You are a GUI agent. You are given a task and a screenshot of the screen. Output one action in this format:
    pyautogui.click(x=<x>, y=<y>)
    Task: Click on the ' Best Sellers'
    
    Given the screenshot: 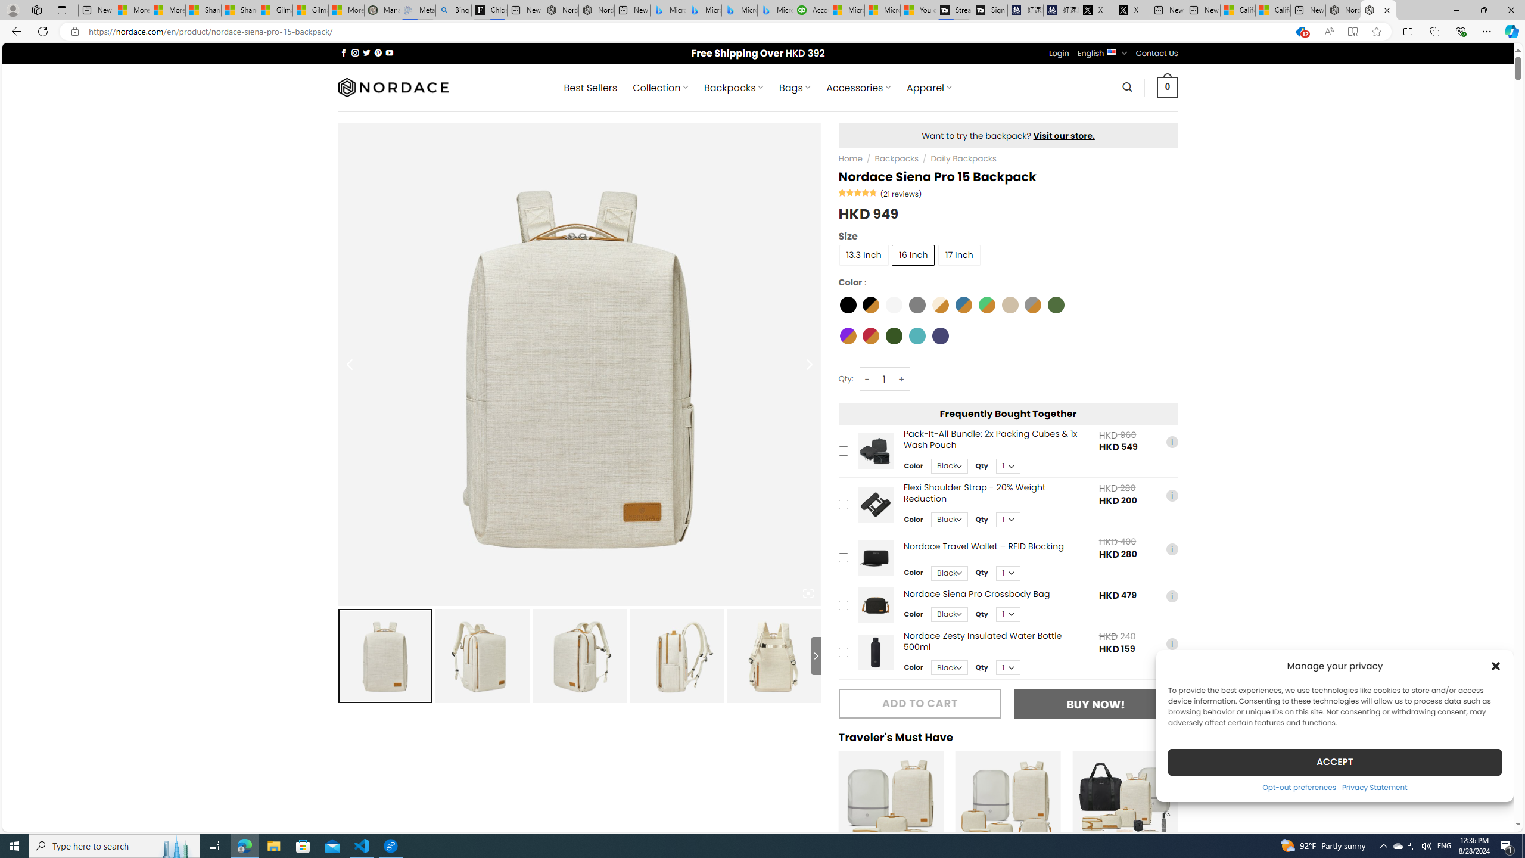 What is the action you would take?
    pyautogui.click(x=590, y=87)
    